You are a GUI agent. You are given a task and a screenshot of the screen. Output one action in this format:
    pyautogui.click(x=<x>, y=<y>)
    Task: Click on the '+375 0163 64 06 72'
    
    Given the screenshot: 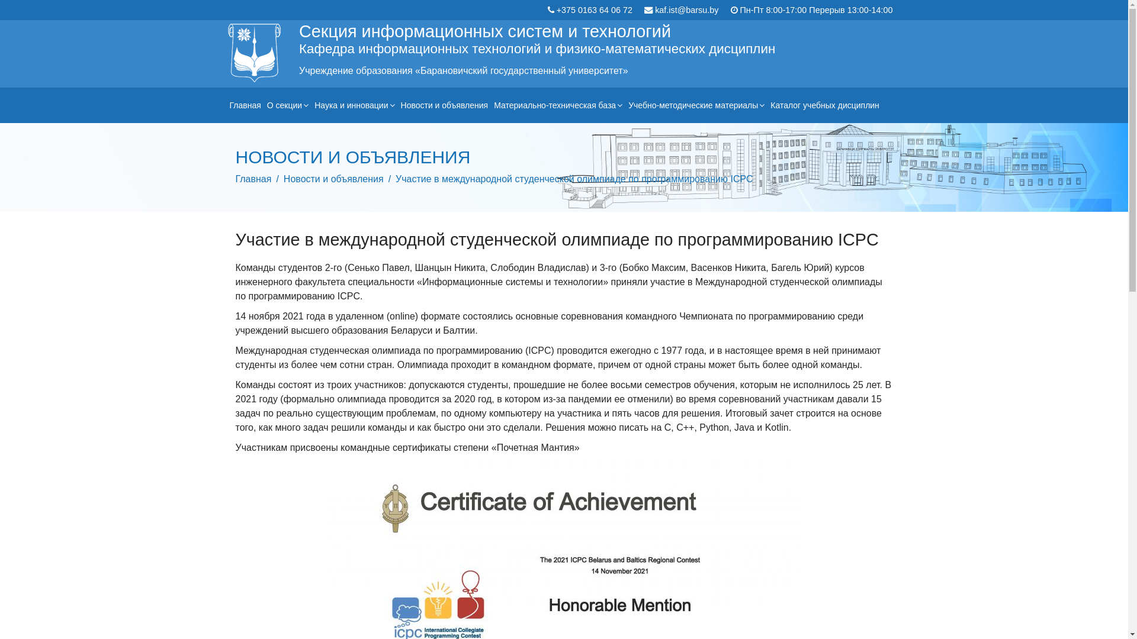 What is the action you would take?
    pyautogui.click(x=594, y=9)
    